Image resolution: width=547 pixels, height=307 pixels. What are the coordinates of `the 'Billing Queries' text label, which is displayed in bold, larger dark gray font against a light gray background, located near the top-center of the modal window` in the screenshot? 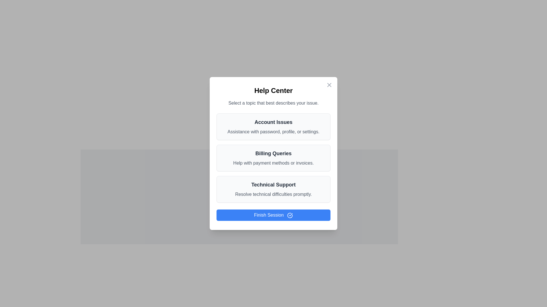 It's located at (273, 153).